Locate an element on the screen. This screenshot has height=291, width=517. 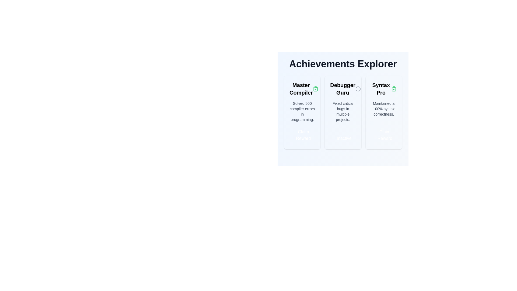
the text label positioned at the top-center of the rightmost card in the 'Achievements Explorer' section, which indicates the achievement or feature described in that card is located at coordinates (381, 89).